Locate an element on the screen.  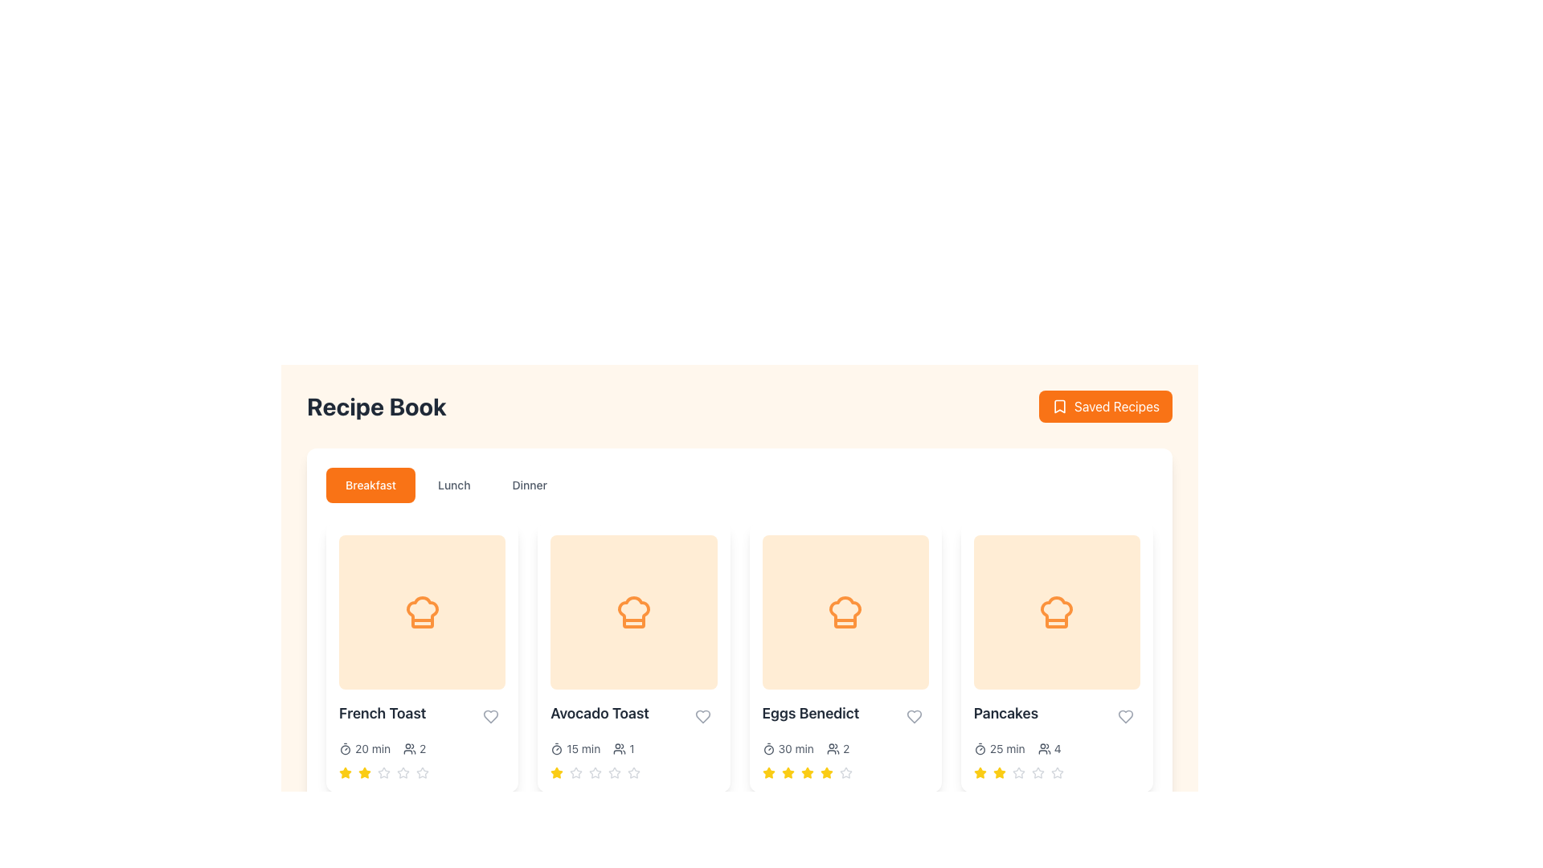
the heart-shaped favorite icon located at the bottom-right corner of the 'Pancakes' card is located at coordinates (1125, 715).